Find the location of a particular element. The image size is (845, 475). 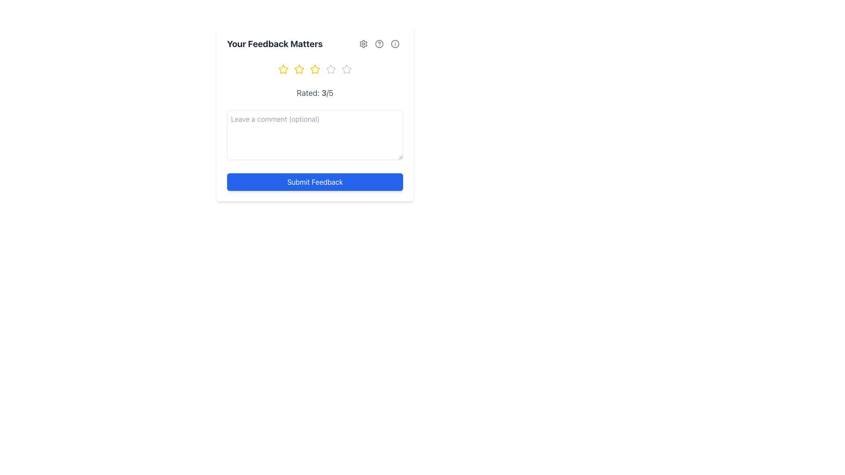

the fourth star icon in the star-rating widget is located at coordinates (331, 69).